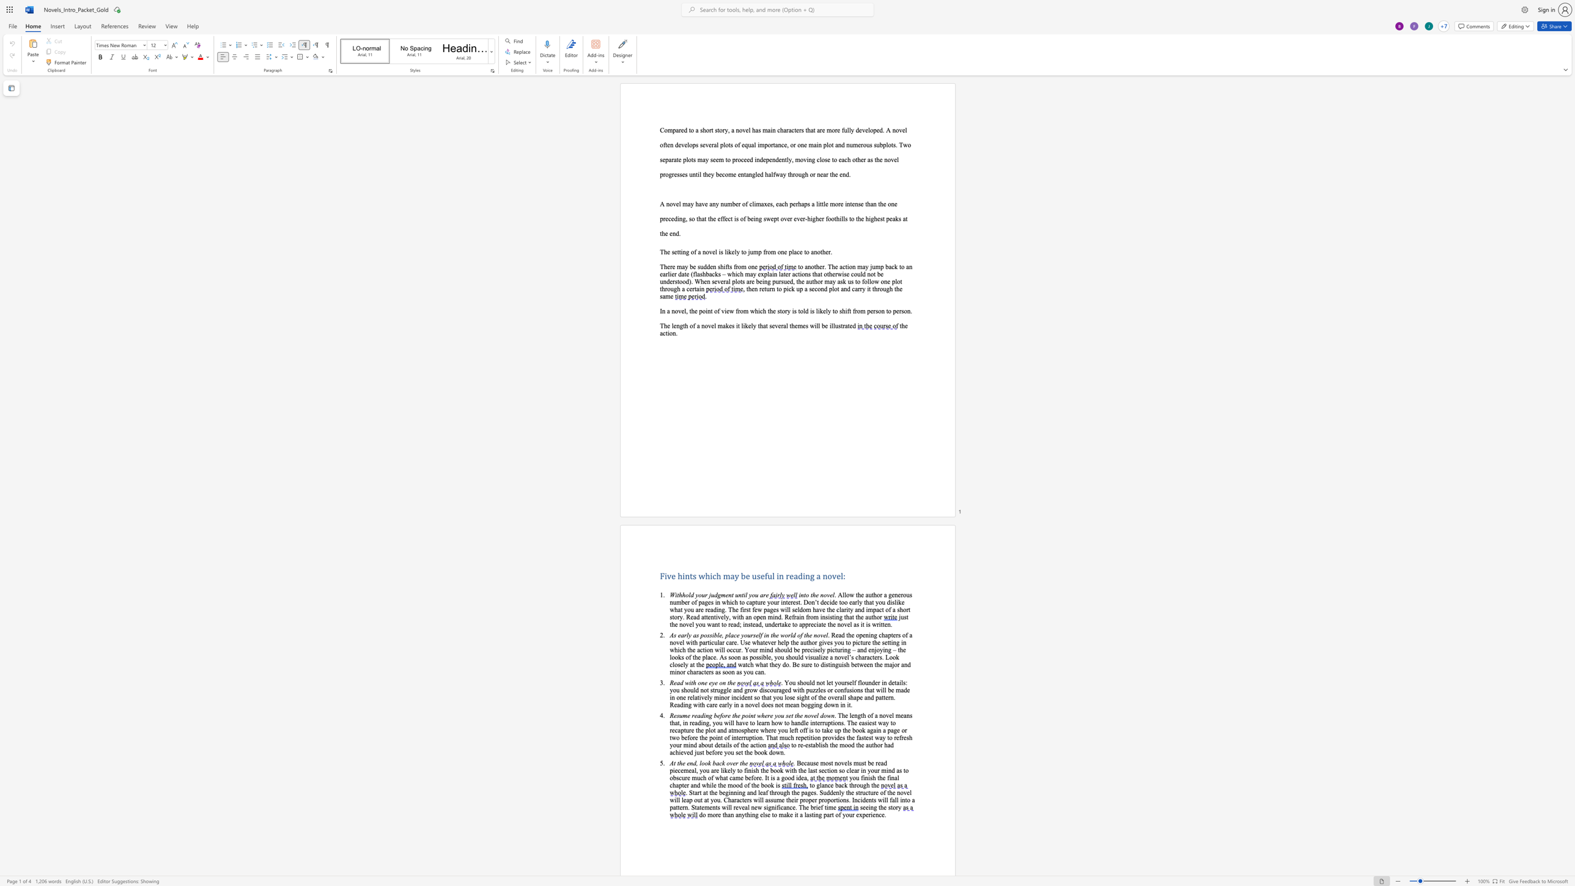  I want to click on the space between the continuous character "i" and "o" in the text, so click(669, 332).